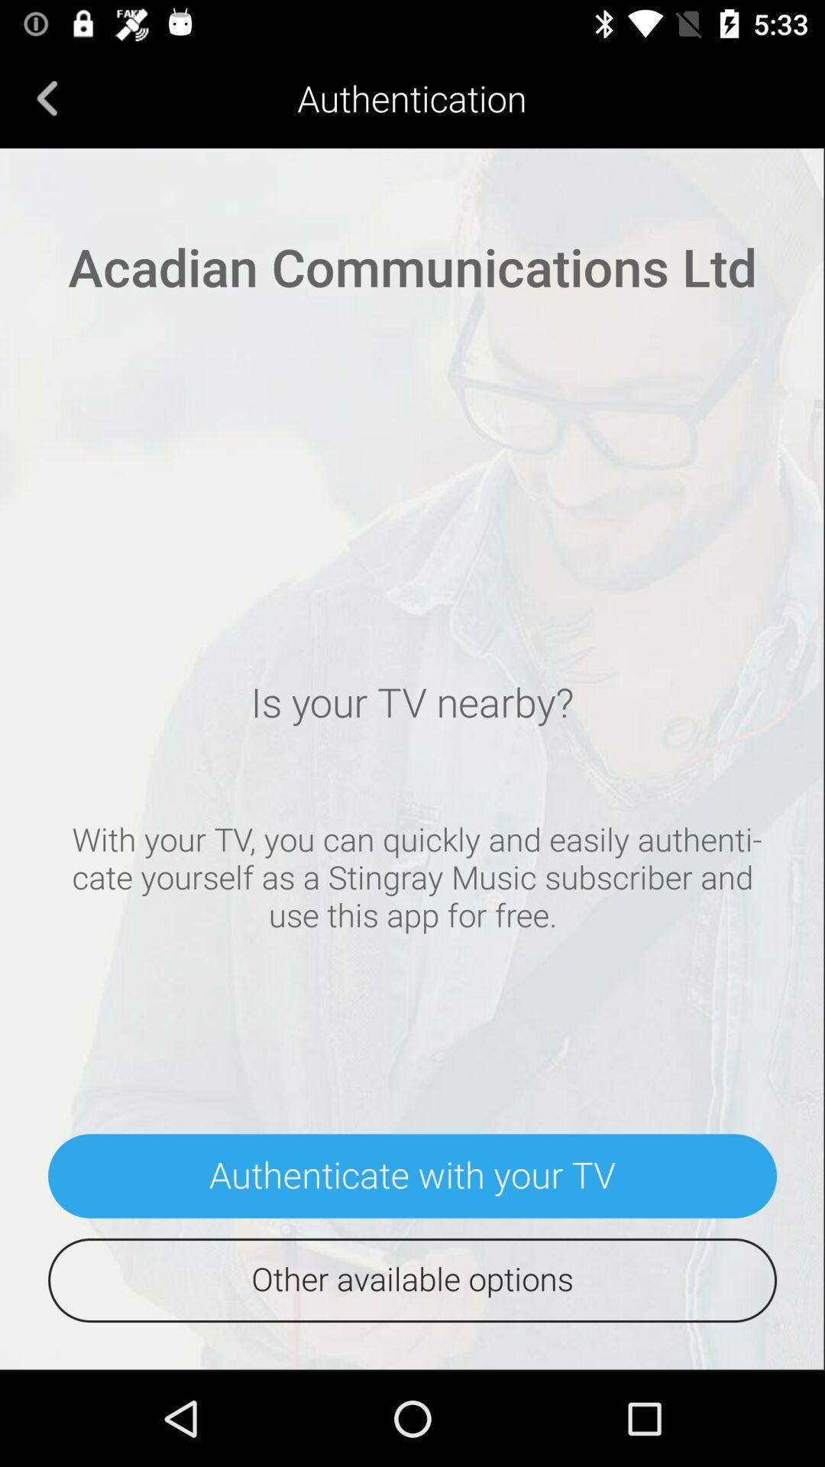  What do you see at coordinates (412, 1280) in the screenshot?
I see `the other available options icon` at bounding box center [412, 1280].